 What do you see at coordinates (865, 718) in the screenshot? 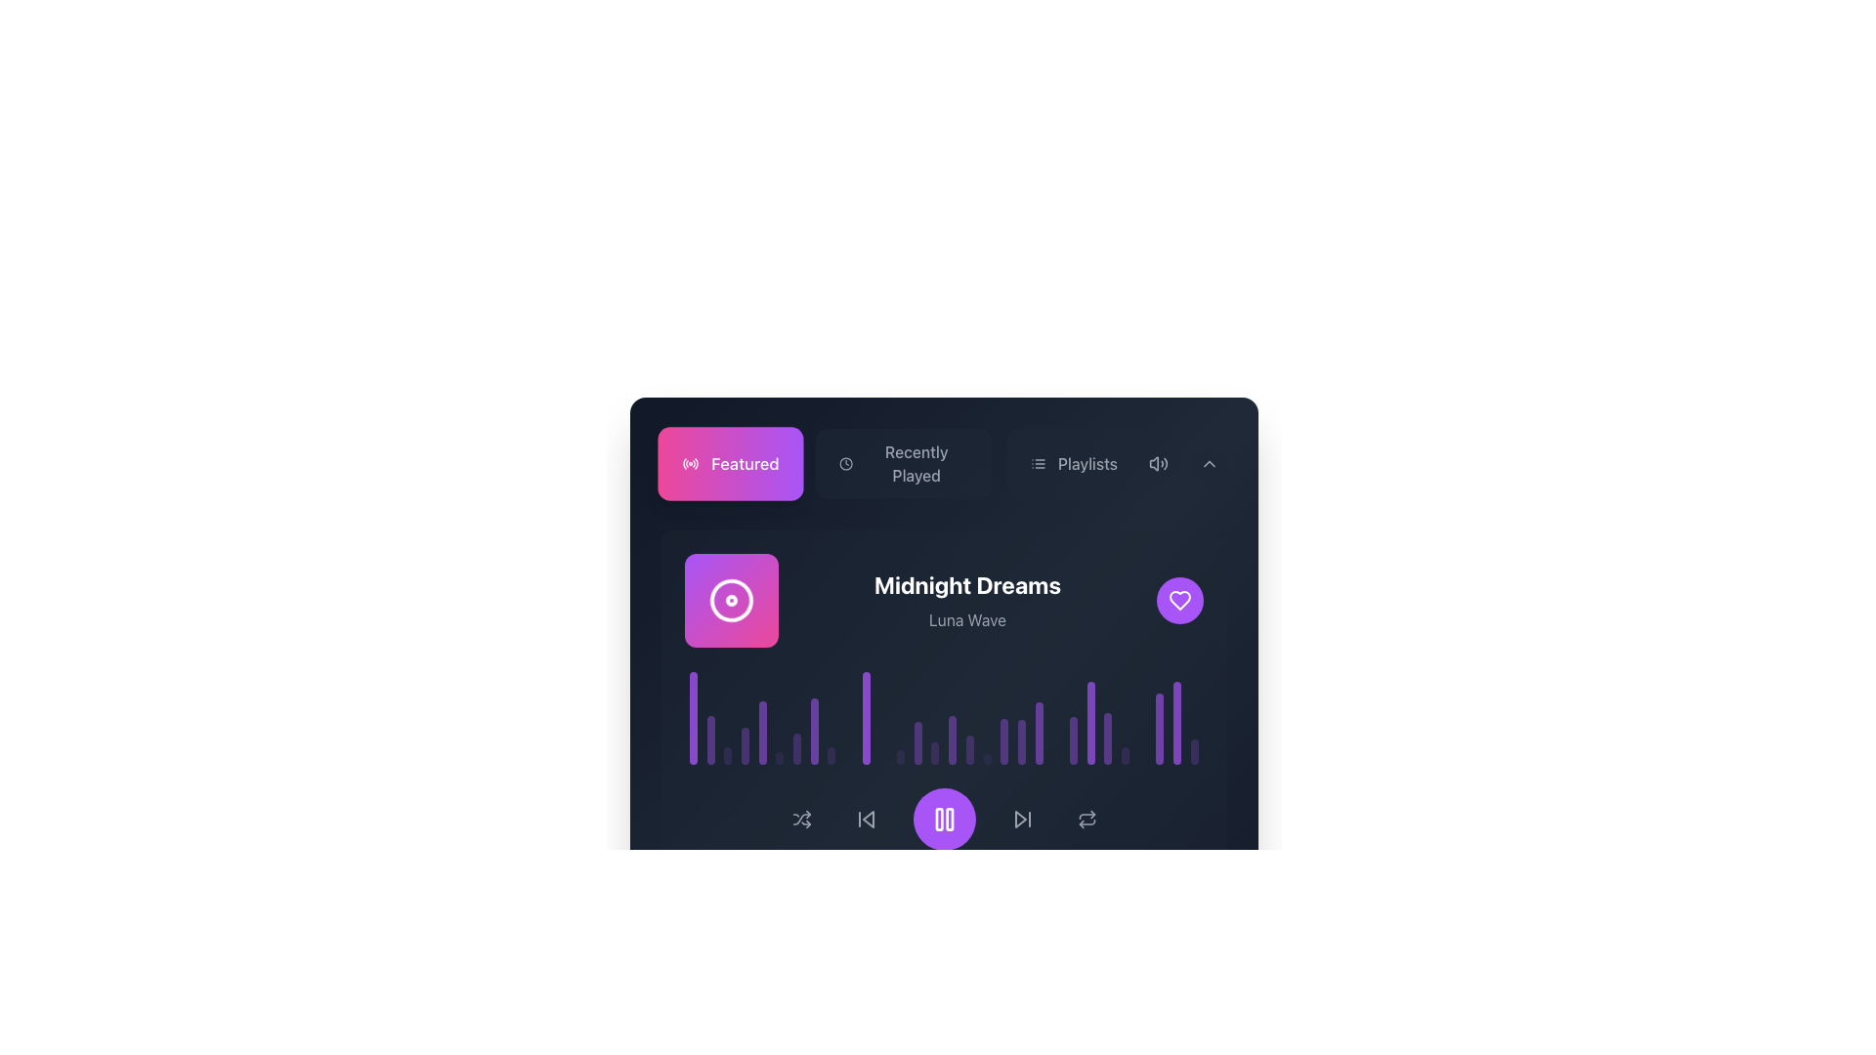
I see `the eleventh vertical bar of the audio visualizer, which reflects a specific audio frequency's amplitude` at bounding box center [865, 718].